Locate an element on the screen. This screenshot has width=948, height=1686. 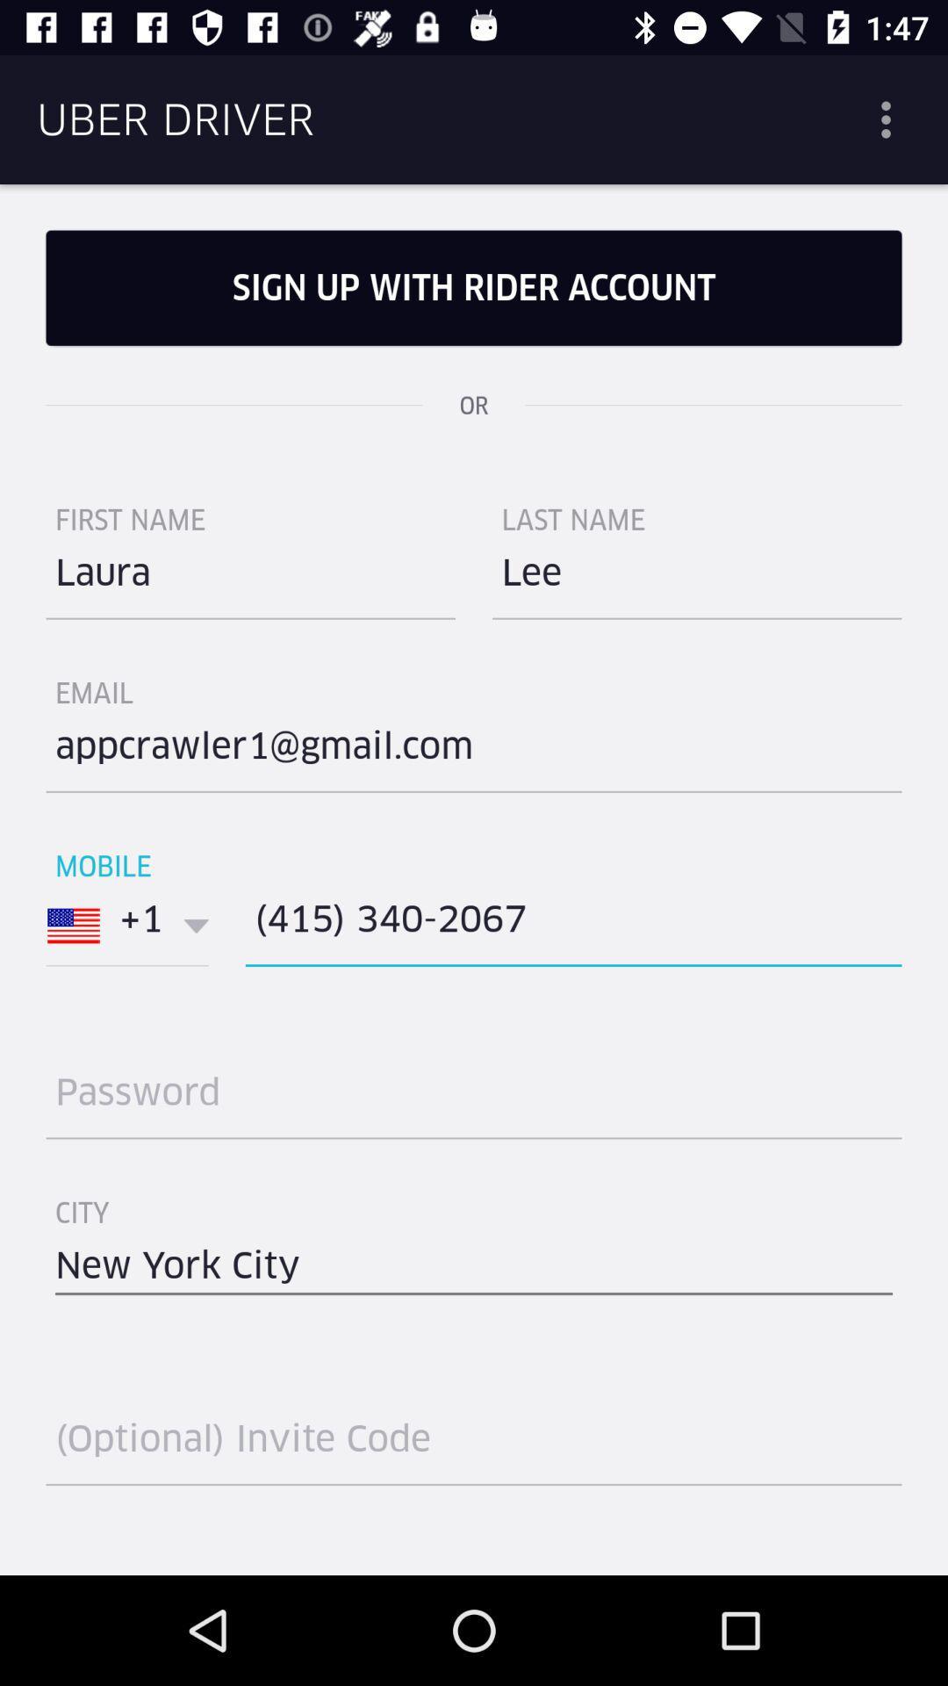
icon on the right is located at coordinates (696, 580).